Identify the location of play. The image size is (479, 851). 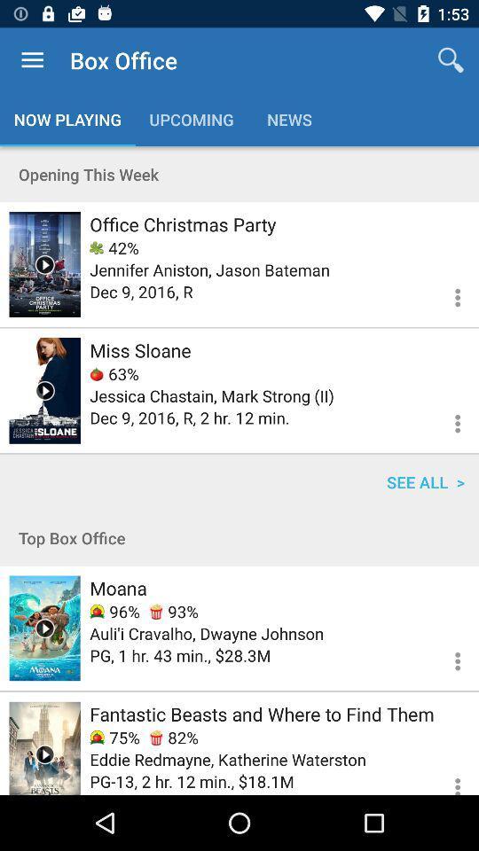
(44, 747).